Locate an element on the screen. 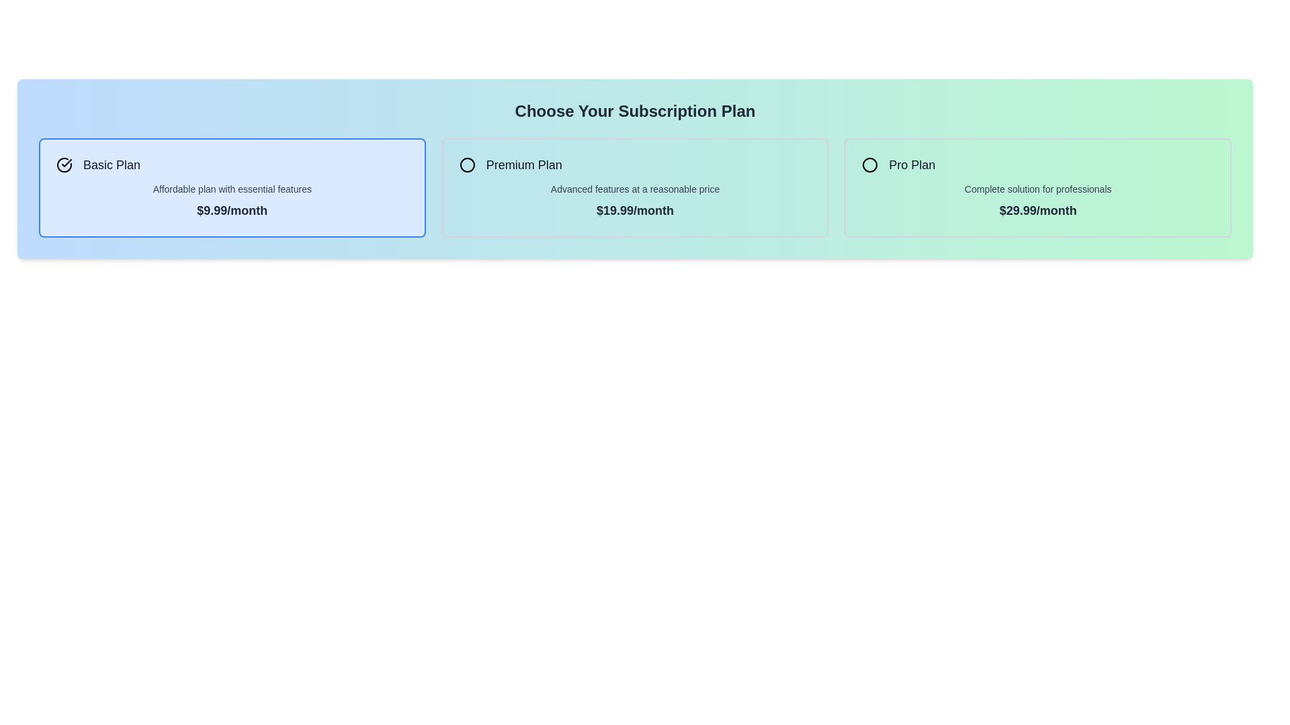  the price display of the 'Basic Plan' subscription, located beneath the description 'Affordable plan with essential features' in the card interface is located at coordinates (232, 210).